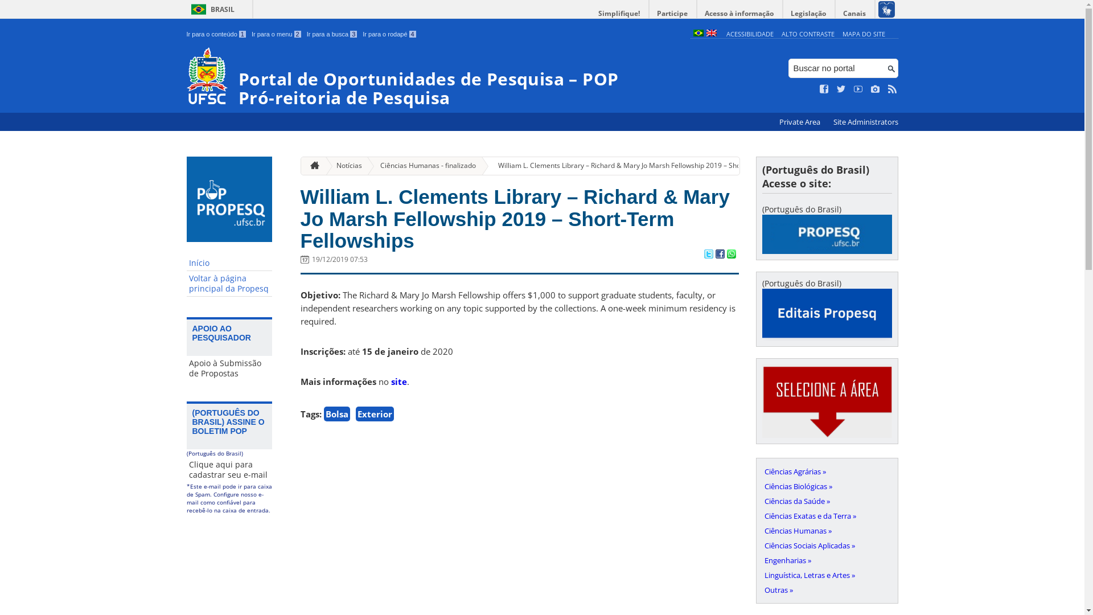  What do you see at coordinates (855, 13) in the screenshot?
I see `'Canais'` at bounding box center [855, 13].